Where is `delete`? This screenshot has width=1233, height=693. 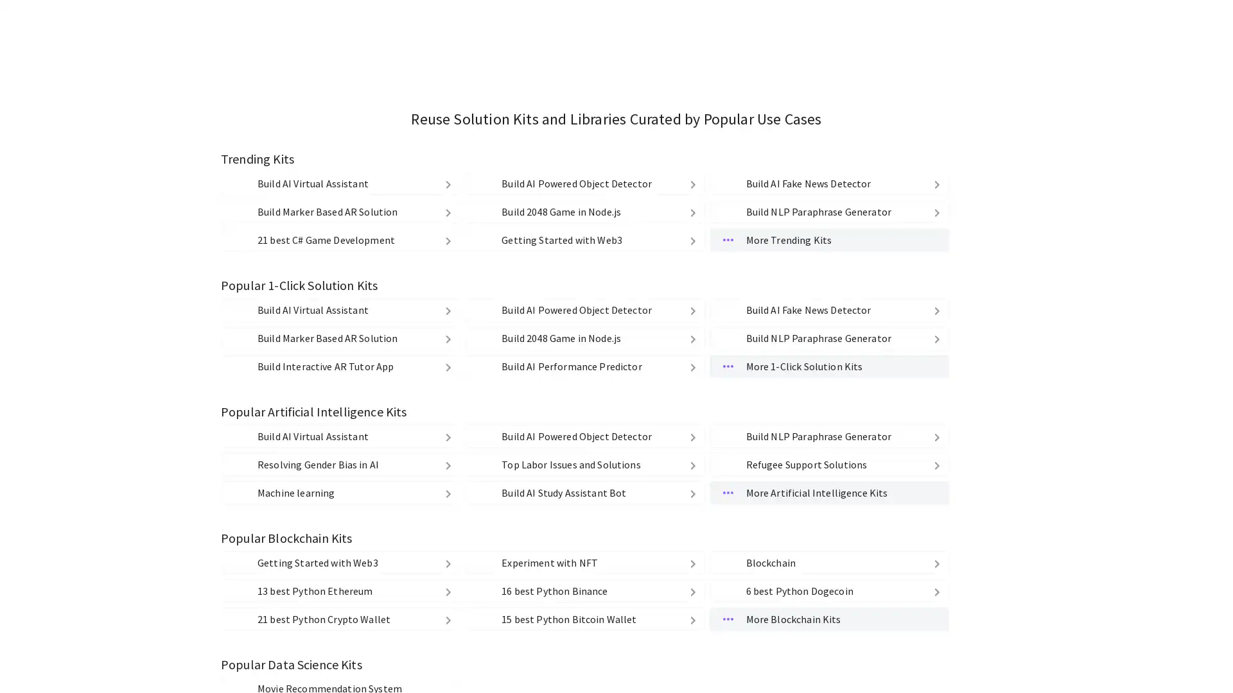 delete is located at coordinates (918, 506).